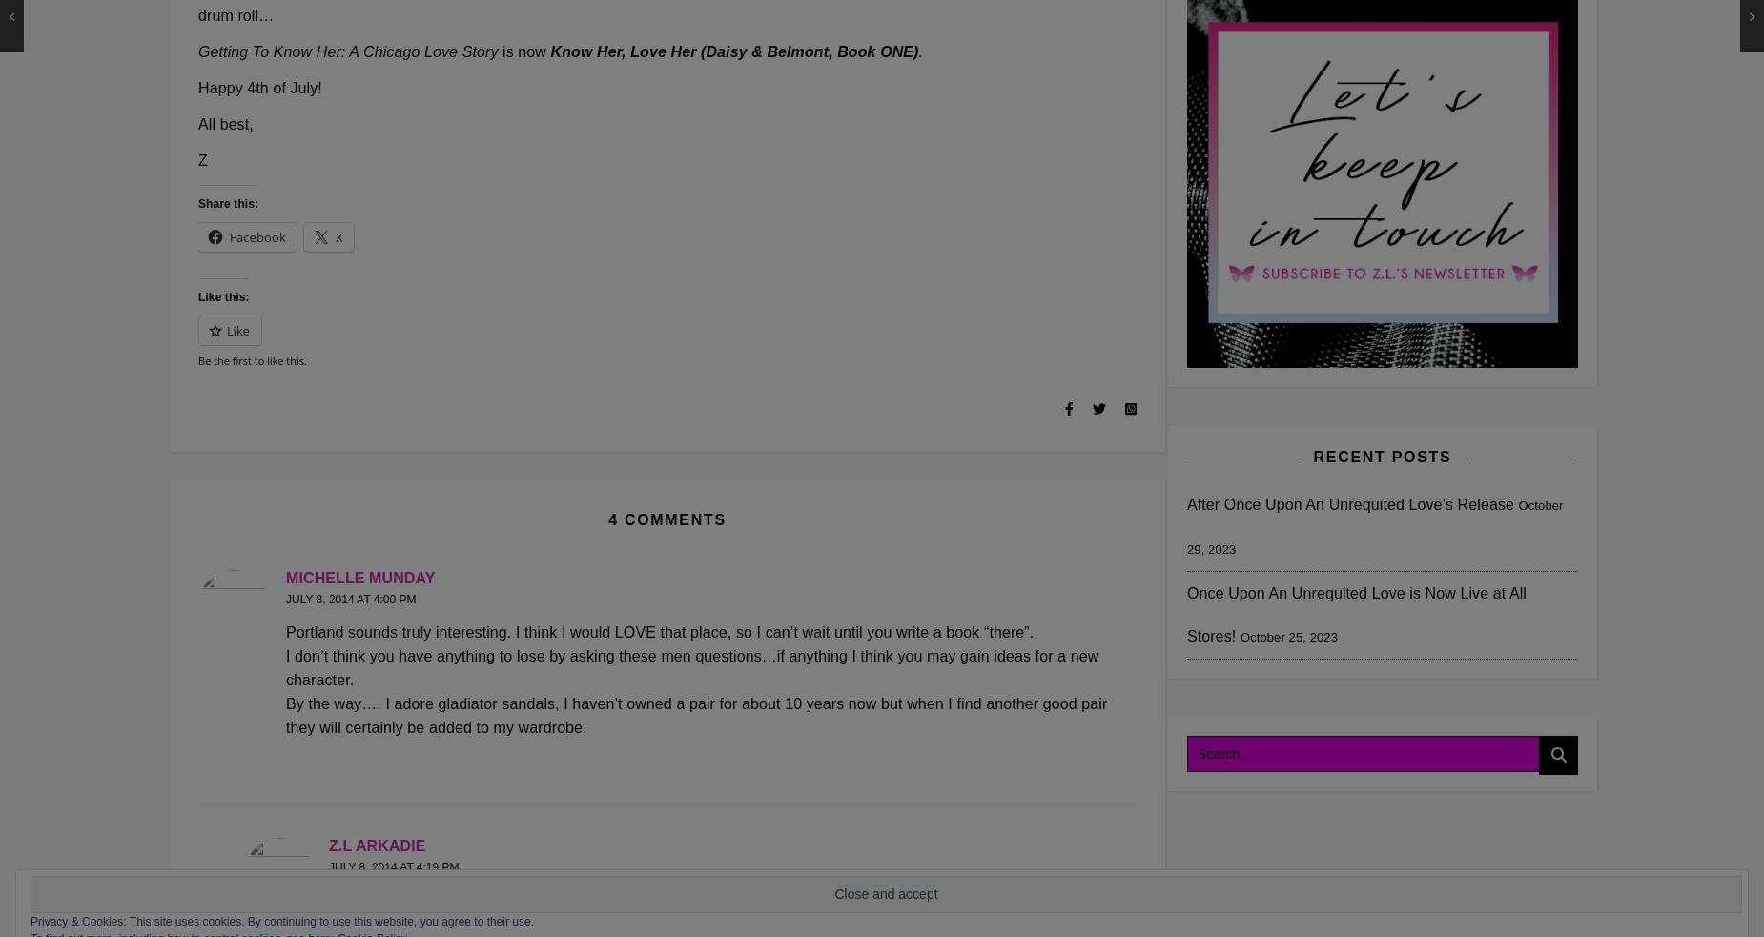 The width and height of the screenshot is (1764, 937). I want to click on 'Facebook', so click(256, 236).